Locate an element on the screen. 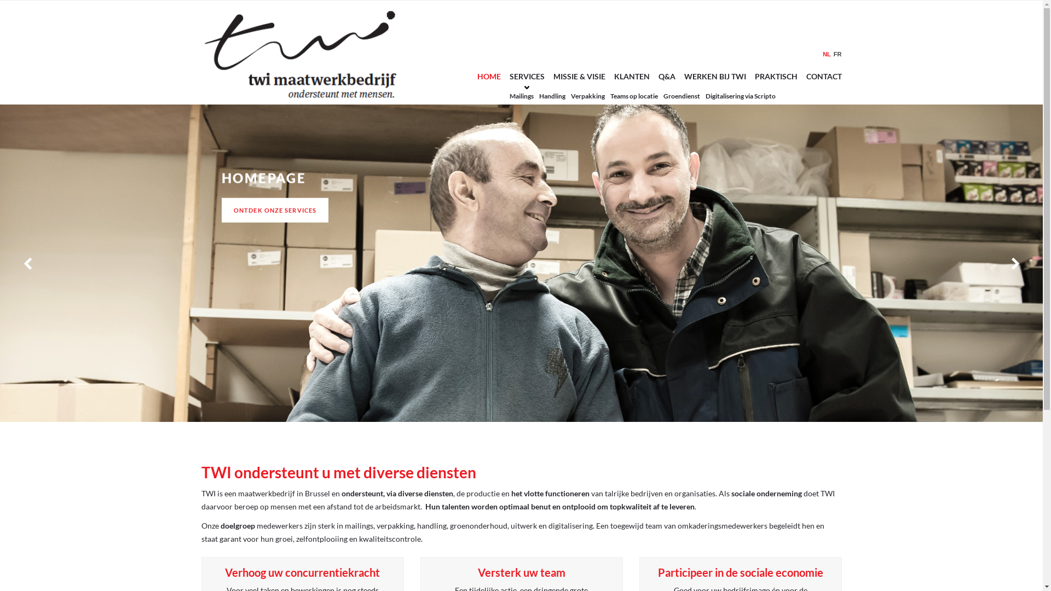 This screenshot has height=591, width=1051. 'MISSIE & VISIE' is located at coordinates (578, 76).